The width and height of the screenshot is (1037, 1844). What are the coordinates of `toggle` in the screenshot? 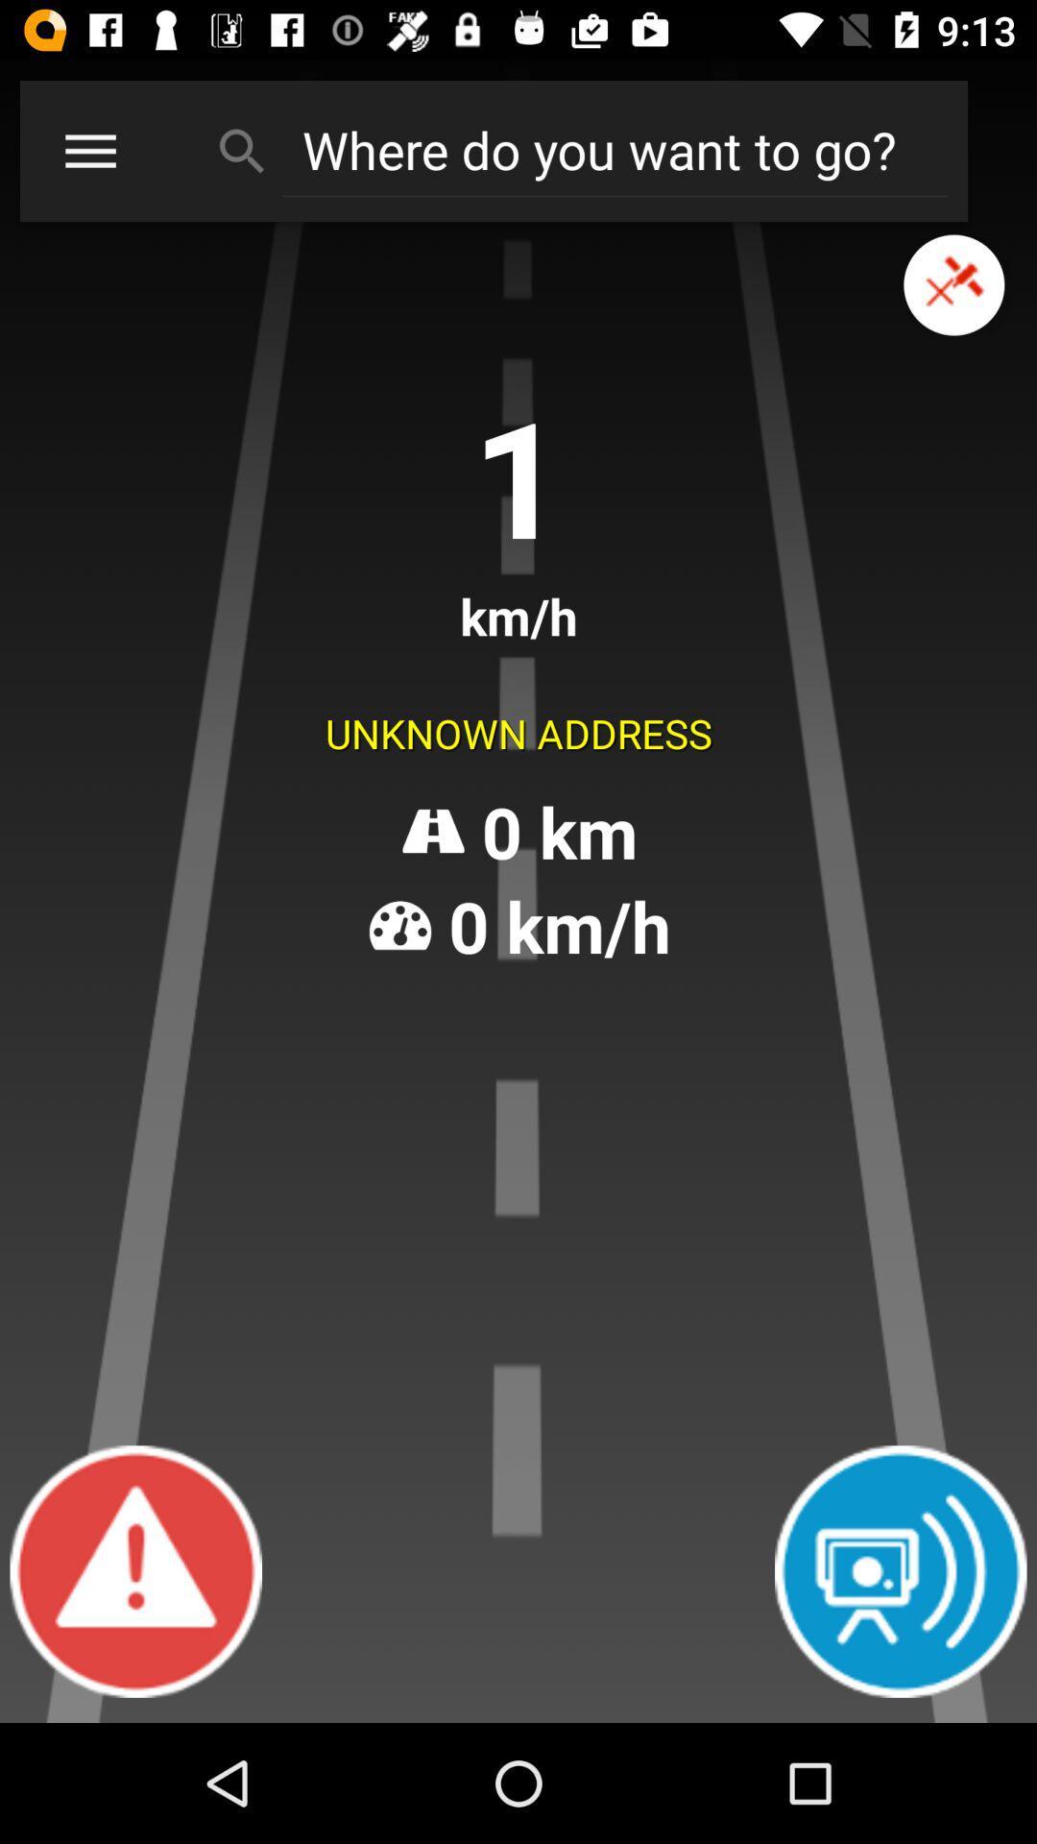 It's located at (953, 284).